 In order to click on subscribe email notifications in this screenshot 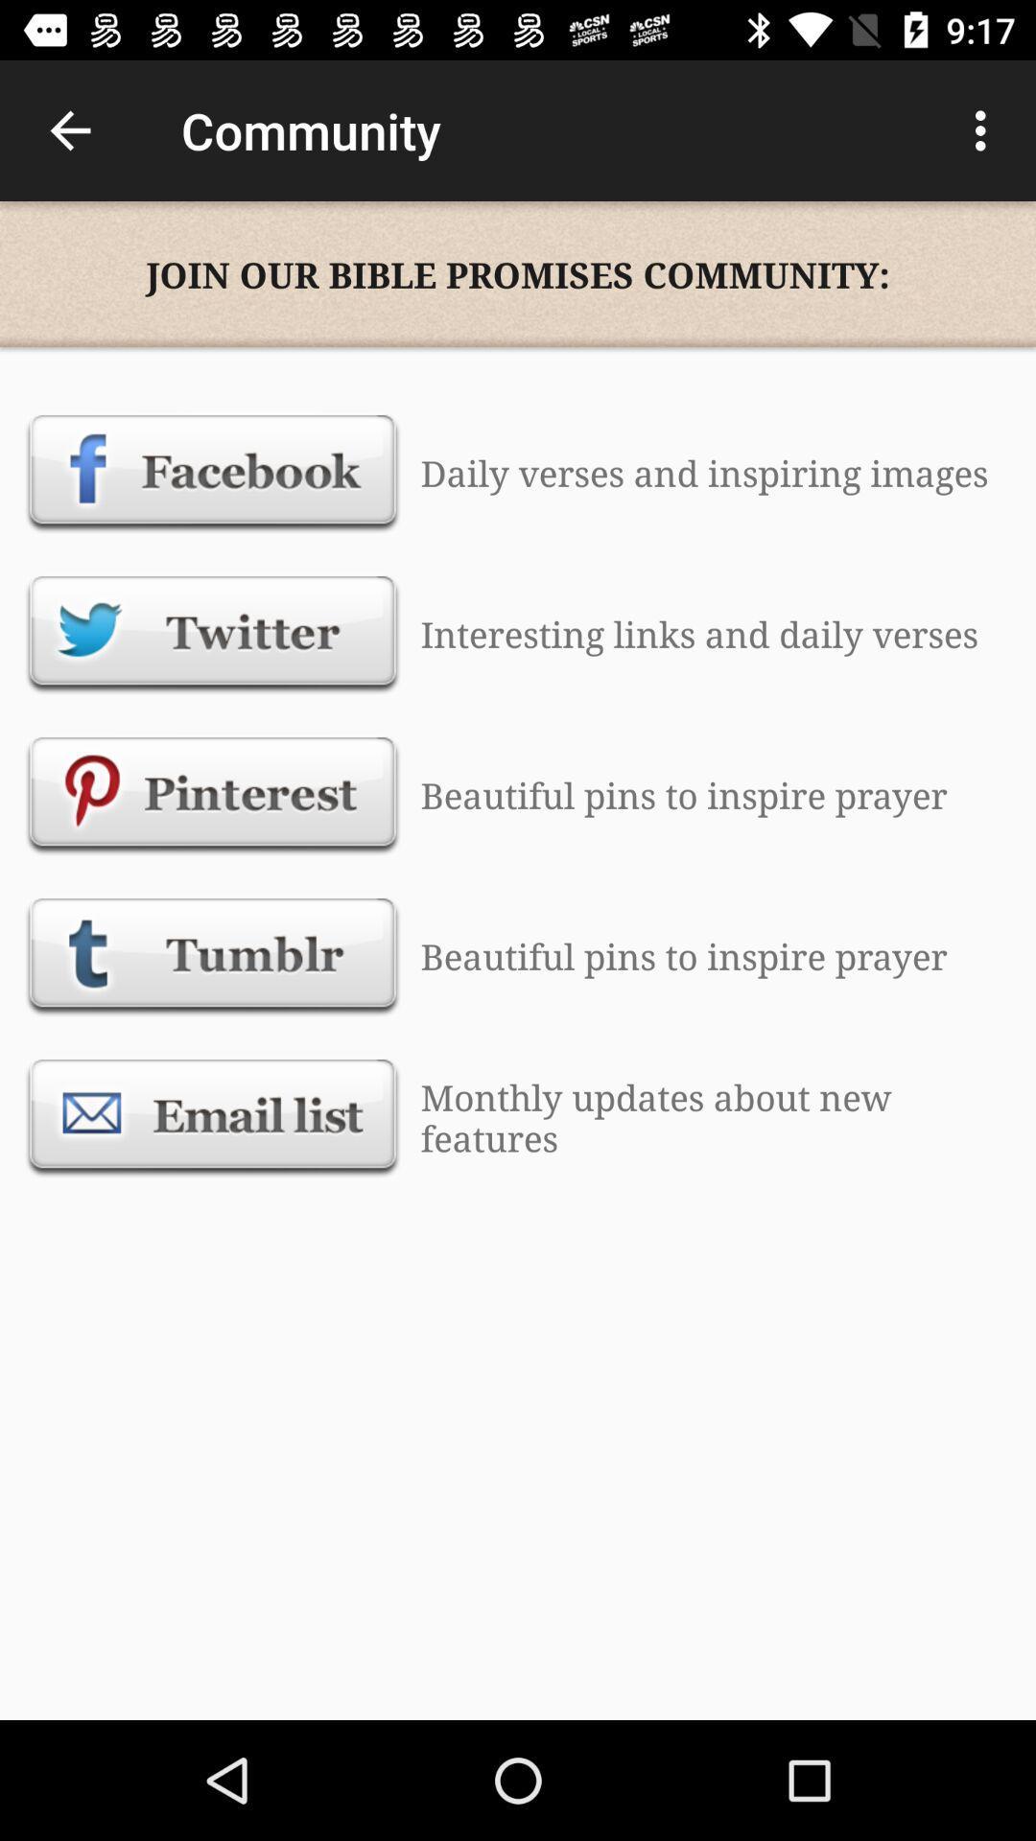, I will do `click(213, 1117)`.